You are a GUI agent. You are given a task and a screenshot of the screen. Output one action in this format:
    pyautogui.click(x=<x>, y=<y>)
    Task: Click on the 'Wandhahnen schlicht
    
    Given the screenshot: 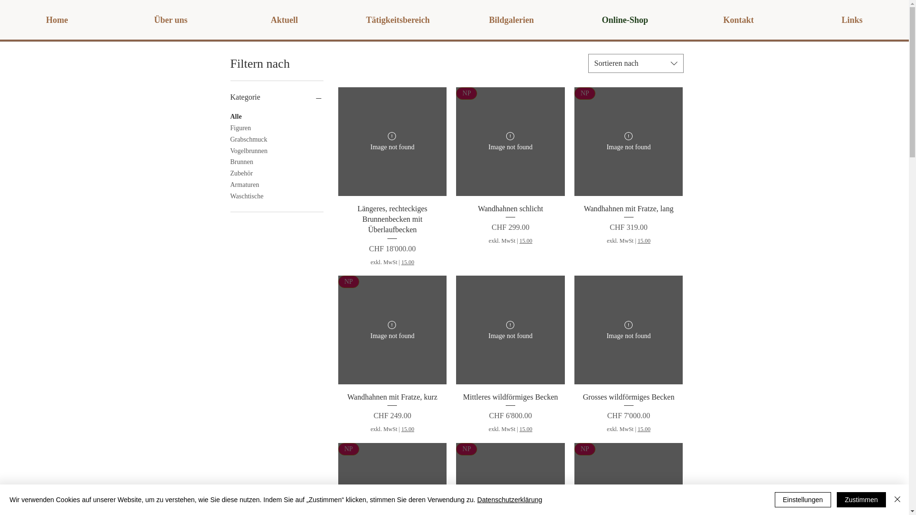 What is the action you would take?
    pyautogui.click(x=455, y=235)
    